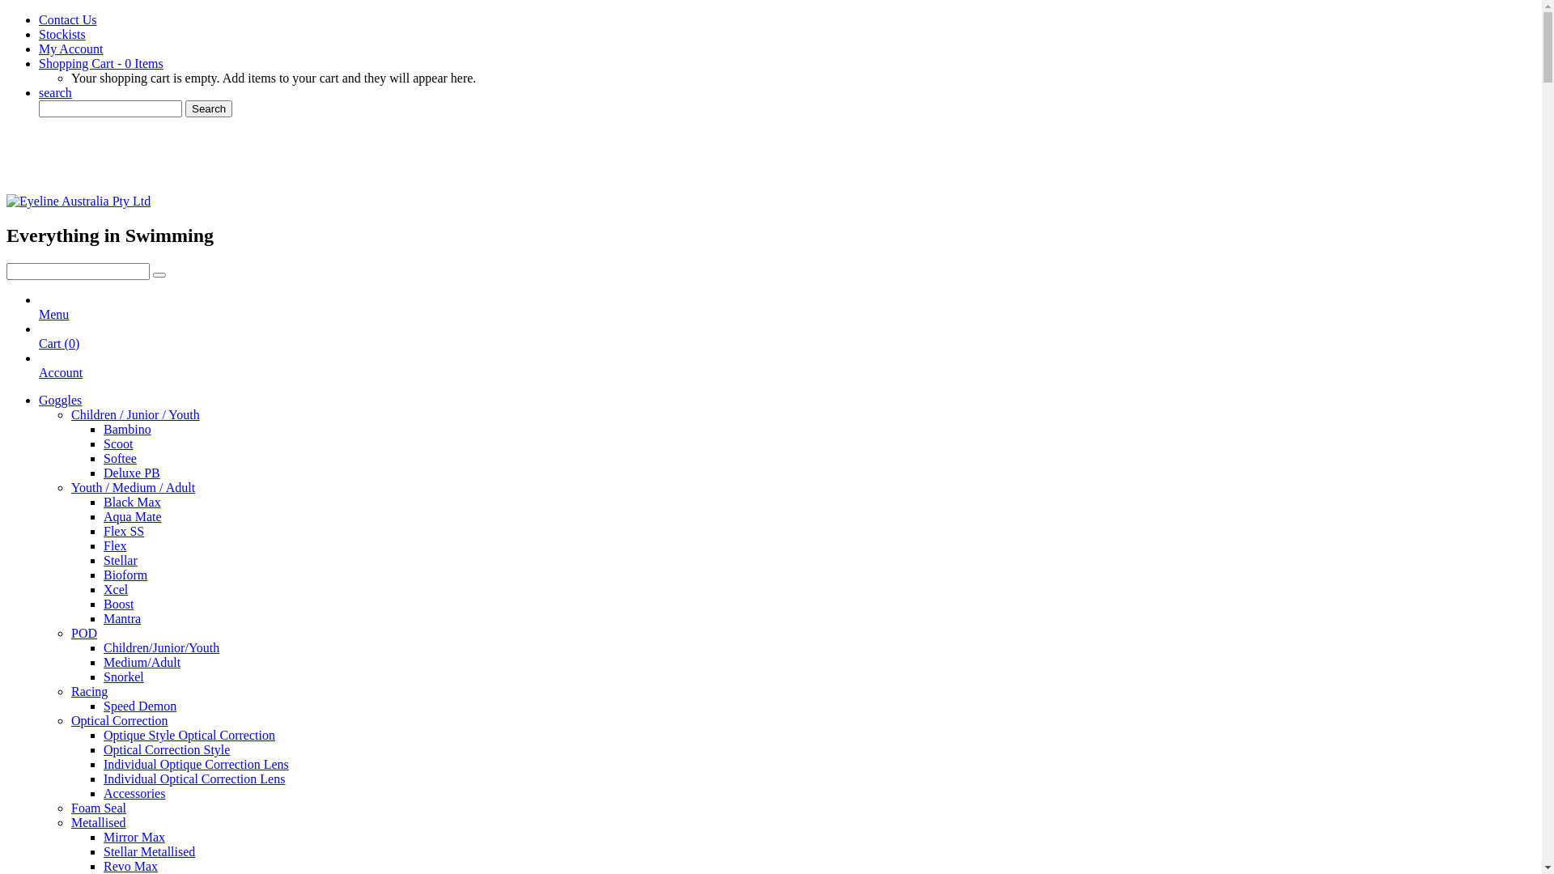 Image resolution: width=1554 pixels, height=874 pixels. Describe the element at coordinates (134, 792) in the screenshot. I see `'Accessories'` at that location.